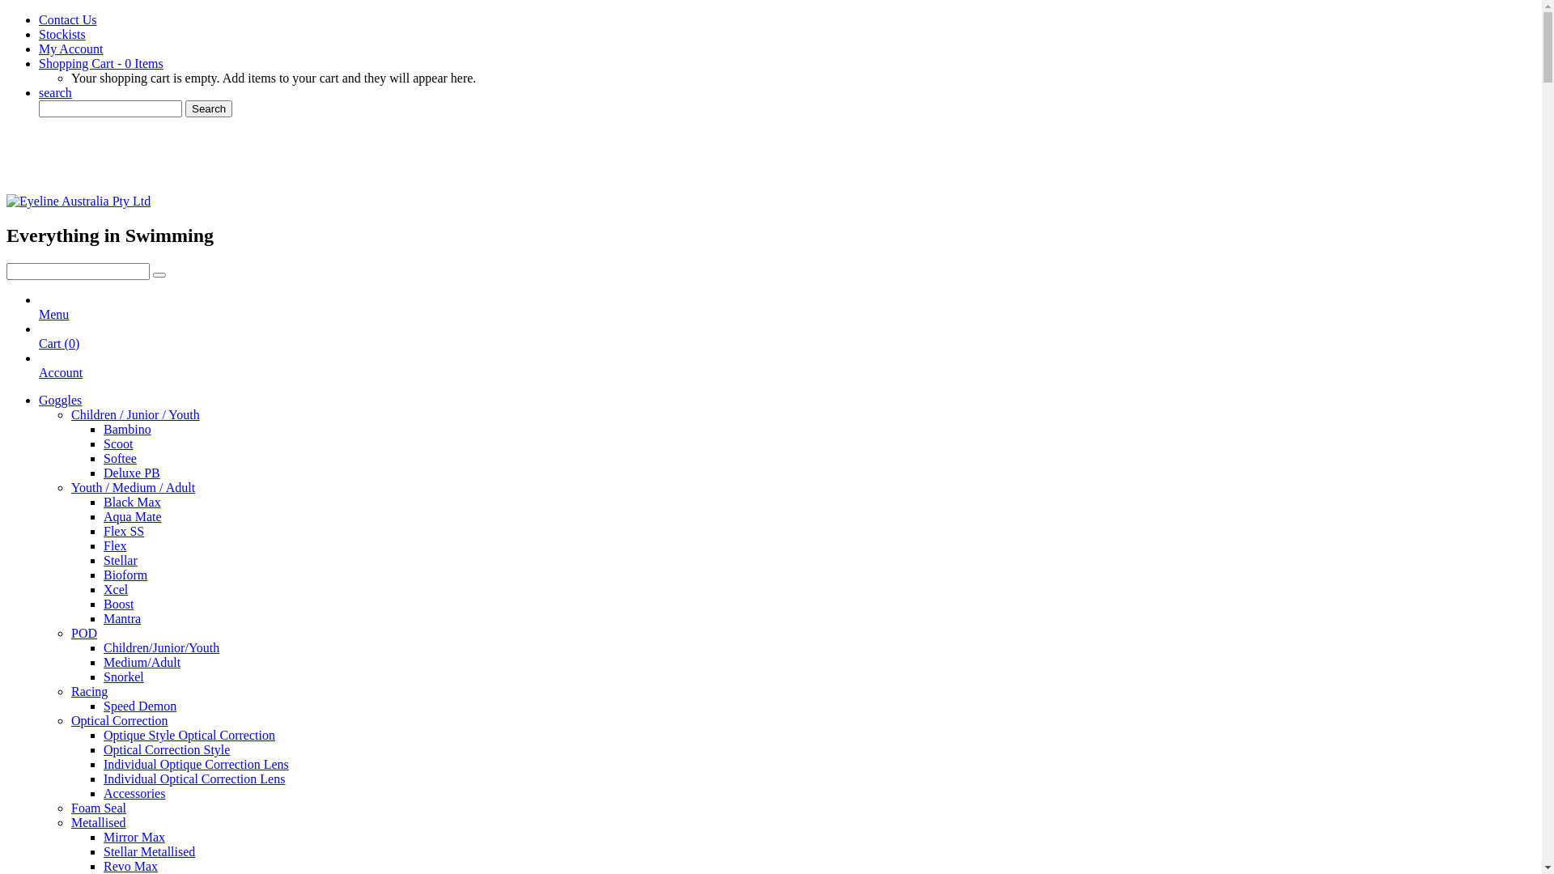 Image resolution: width=1554 pixels, height=874 pixels. Describe the element at coordinates (134, 792) in the screenshot. I see `'Accessories'` at that location.